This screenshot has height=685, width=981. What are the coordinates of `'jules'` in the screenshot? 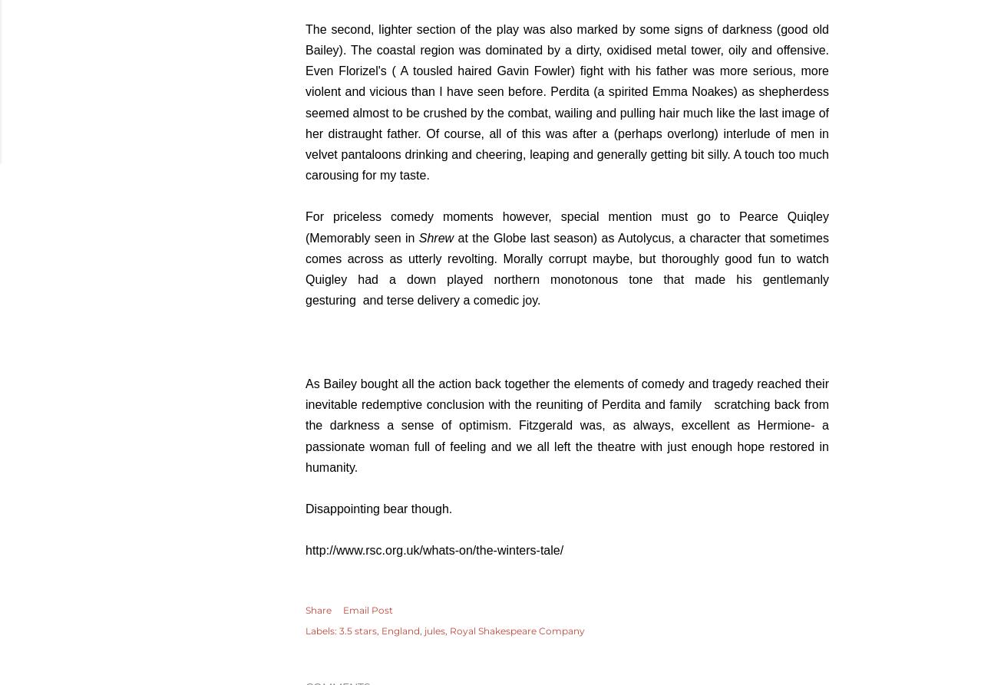 It's located at (434, 630).